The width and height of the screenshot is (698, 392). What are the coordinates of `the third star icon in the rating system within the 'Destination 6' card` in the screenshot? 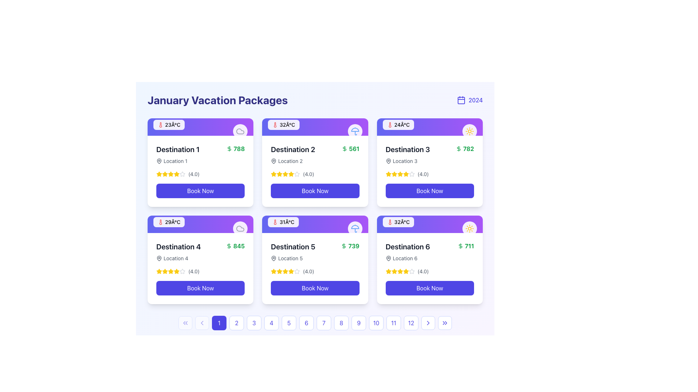 It's located at (405, 271).